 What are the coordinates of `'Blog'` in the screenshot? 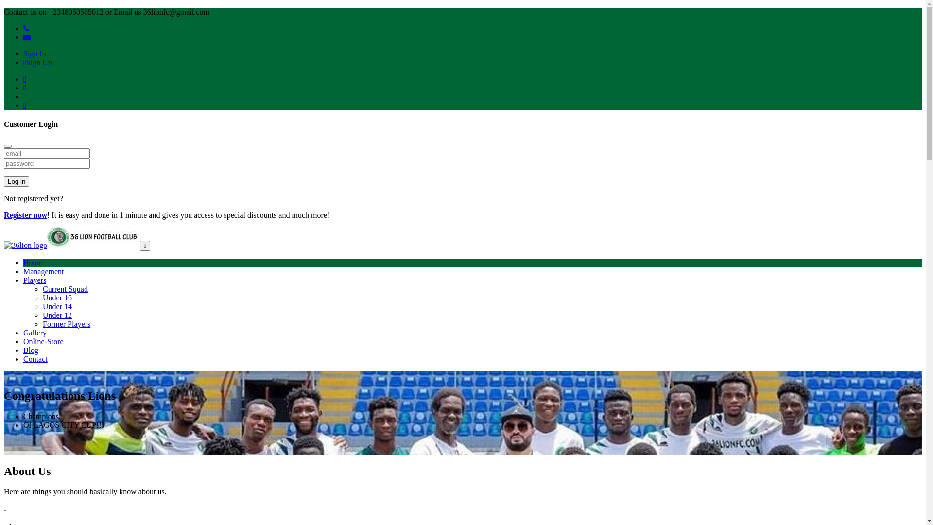 It's located at (31, 350).